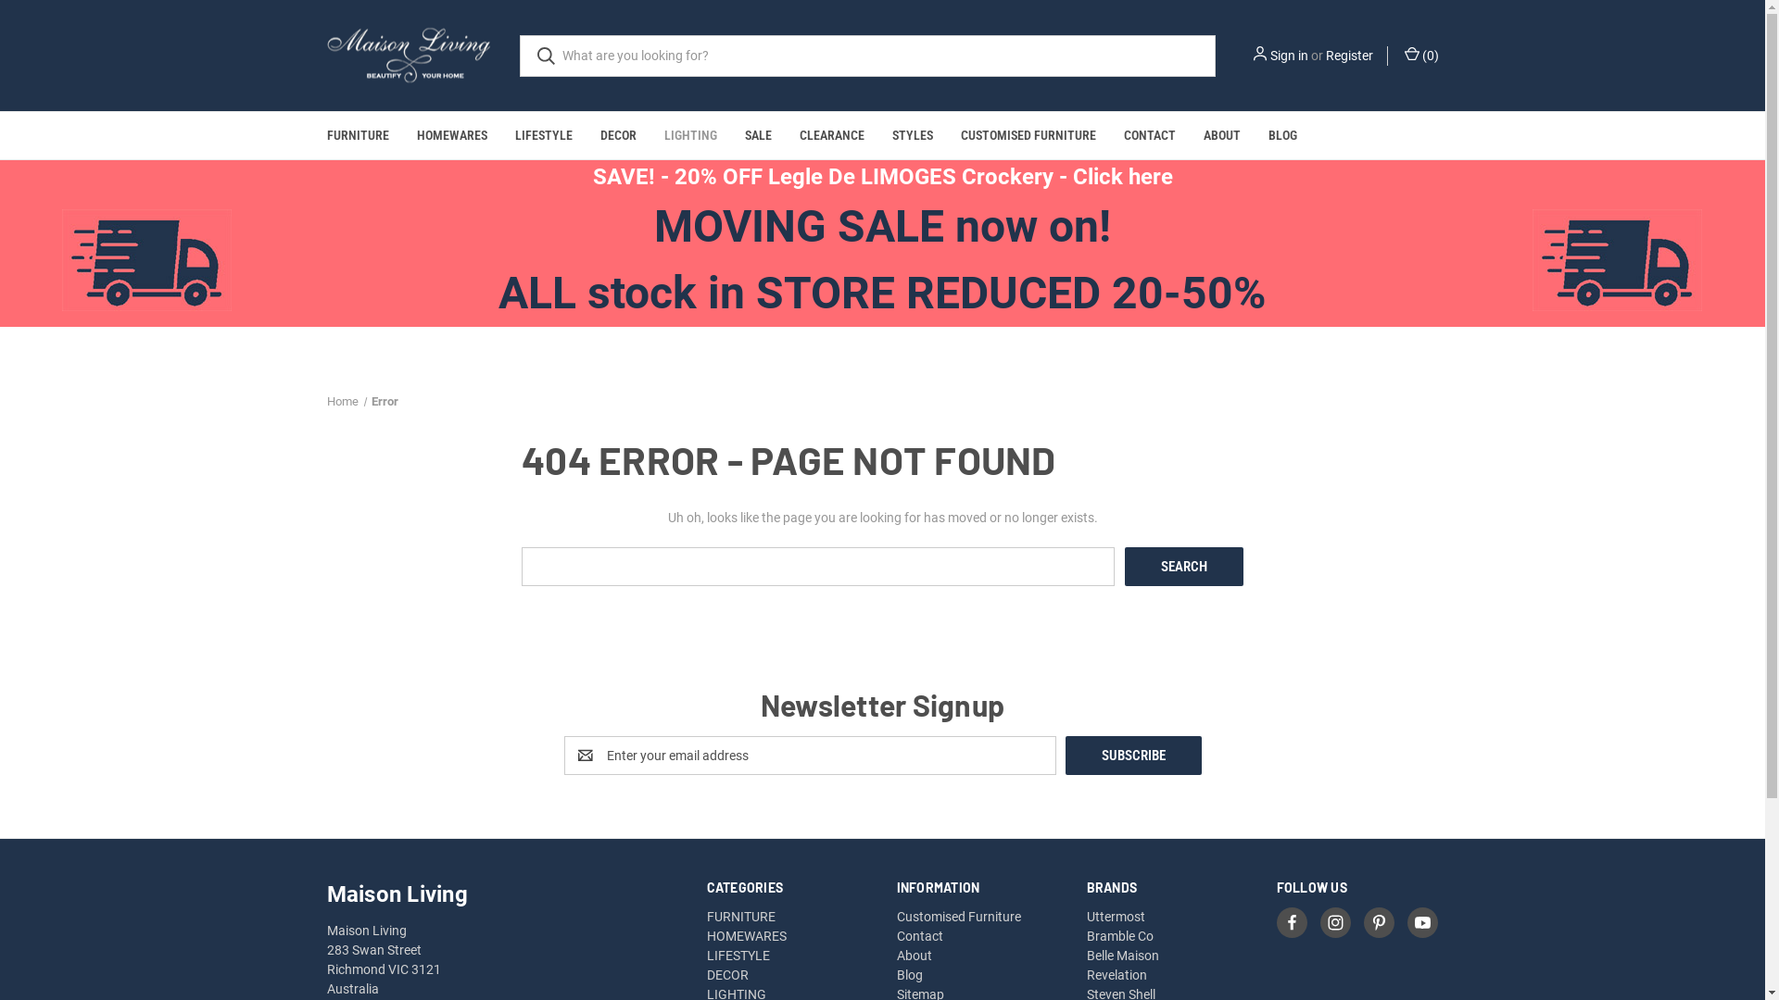 The height and width of the screenshot is (1000, 1779). What do you see at coordinates (1027, 134) in the screenshot?
I see `'CUSTOMISED FURNITURE'` at bounding box center [1027, 134].